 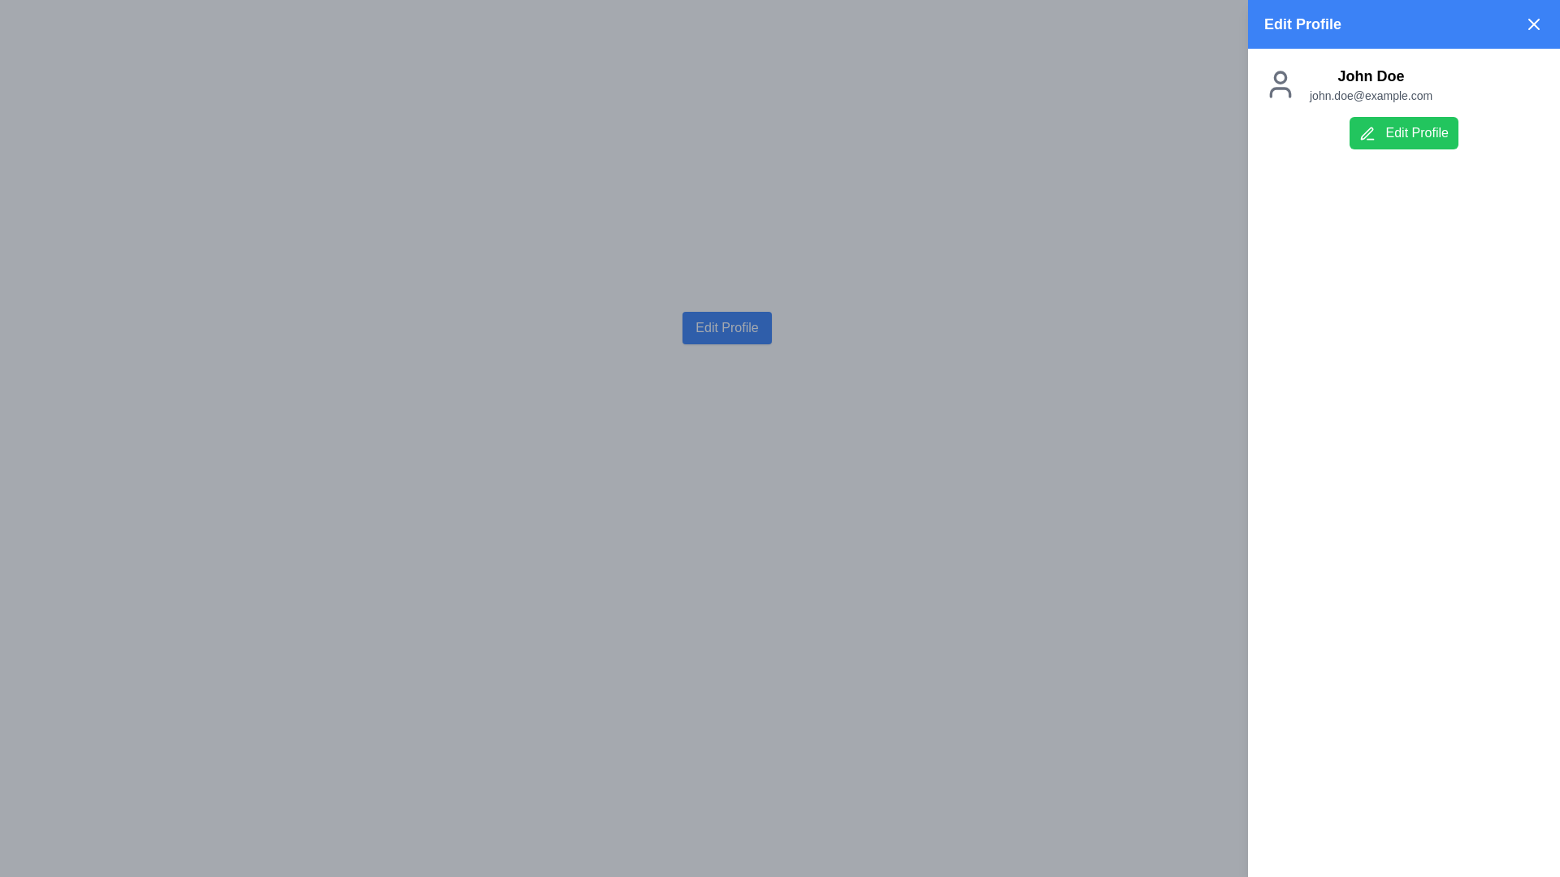 What do you see at coordinates (1403, 84) in the screenshot?
I see `the User Information Display located in the top-right section of the interface, which shows the user's name and email address, positioned above the 'Edit Profile' button` at bounding box center [1403, 84].